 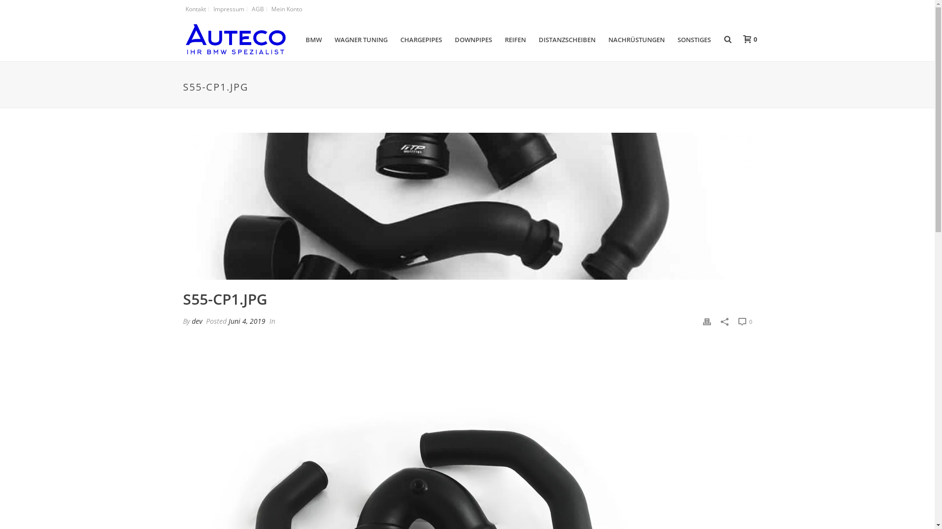 What do you see at coordinates (191, 321) in the screenshot?
I see `'dev'` at bounding box center [191, 321].